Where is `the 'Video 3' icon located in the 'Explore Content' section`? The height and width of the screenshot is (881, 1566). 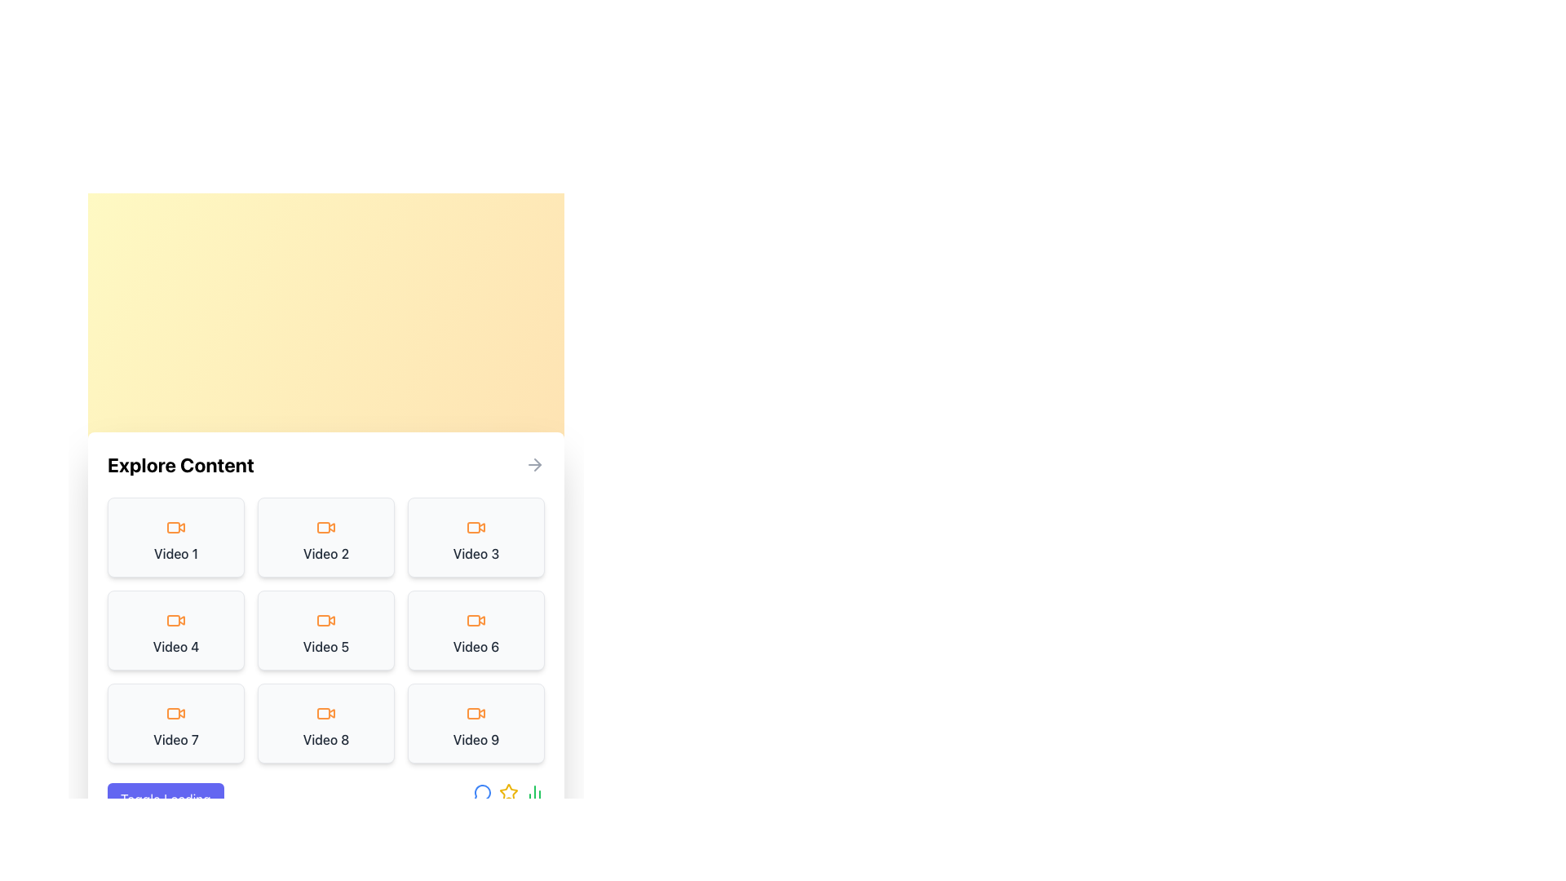 the 'Video 3' icon located in the 'Explore Content' section is located at coordinates (476, 528).